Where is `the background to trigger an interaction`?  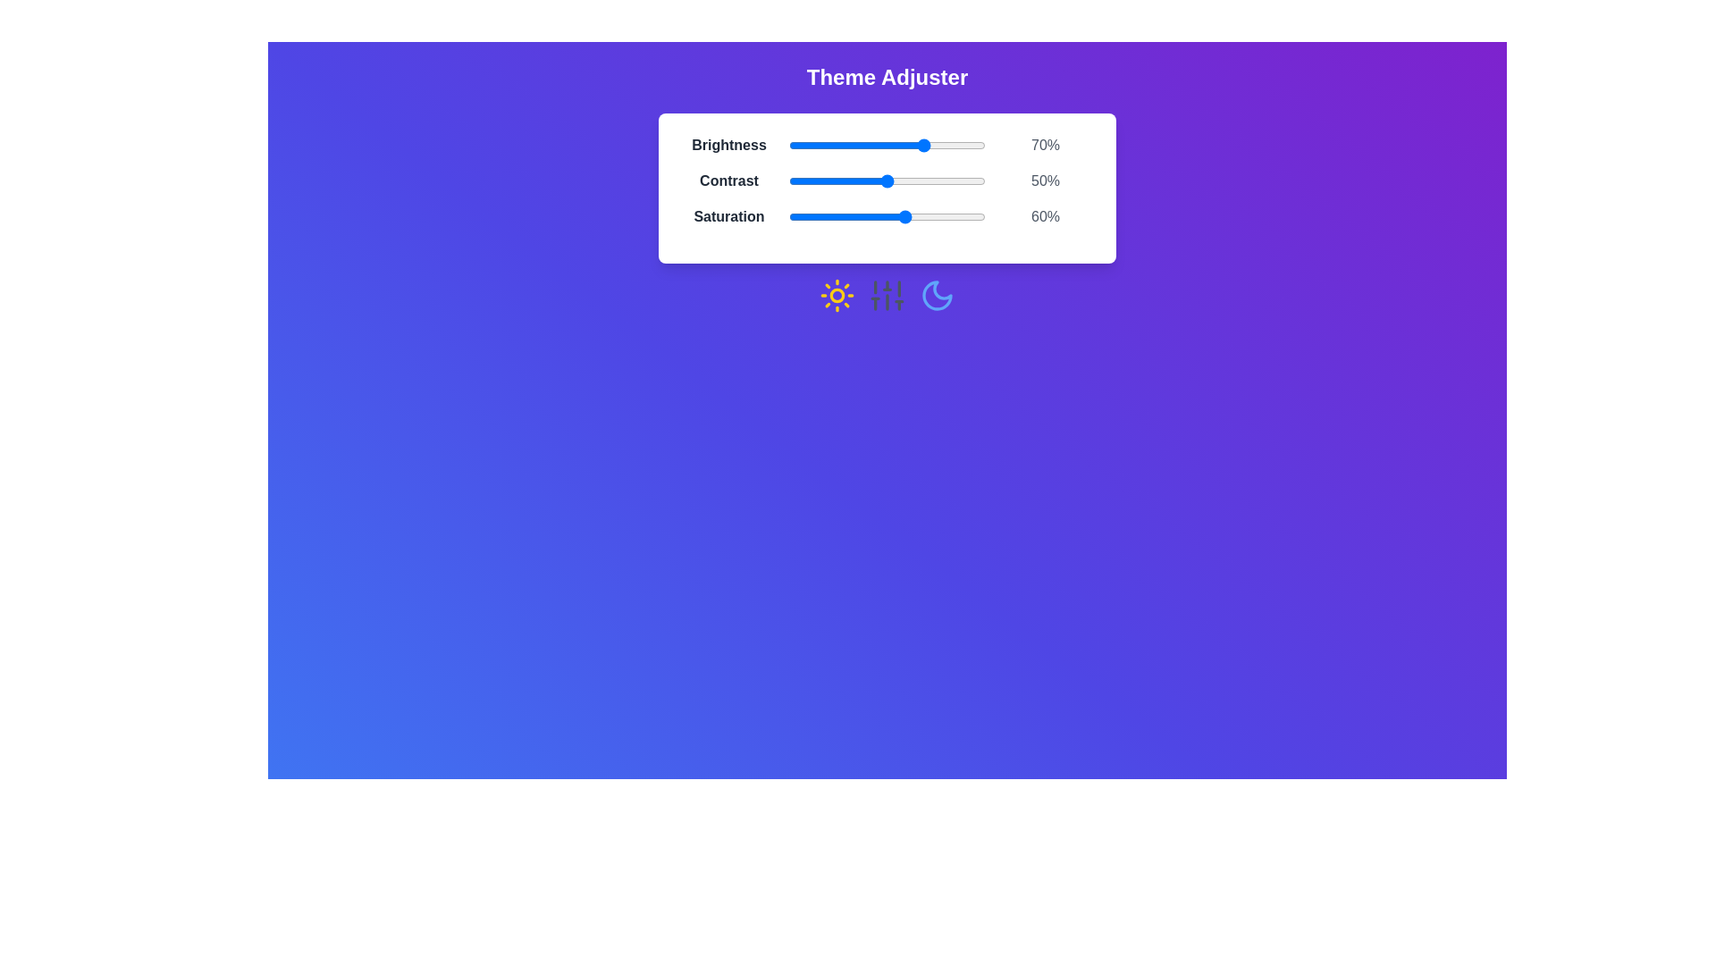 the background to trigger an interaction is located at coordinates (686, 457).